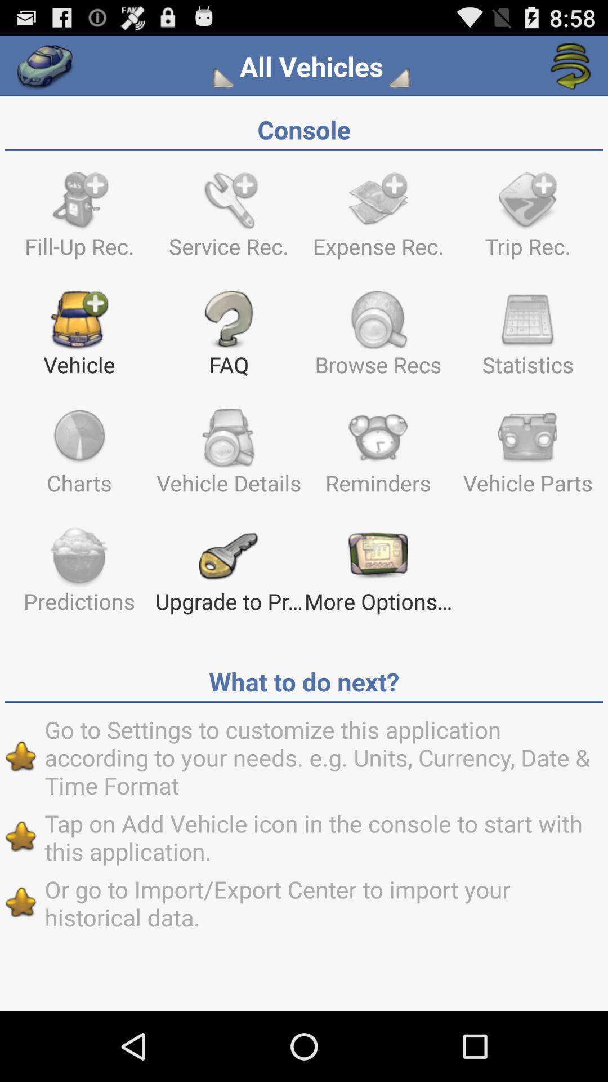 The width and height of the screenshot is (608, 1082). What do you see at coordinates (225, 77) in the screenshot?
I see `choose specific vehicle` at bounding box center [225, 77].